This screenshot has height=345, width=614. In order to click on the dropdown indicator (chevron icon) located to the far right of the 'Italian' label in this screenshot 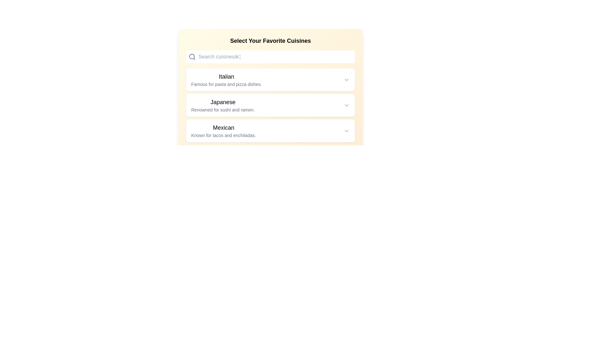, I will do `click(346, 80)`.